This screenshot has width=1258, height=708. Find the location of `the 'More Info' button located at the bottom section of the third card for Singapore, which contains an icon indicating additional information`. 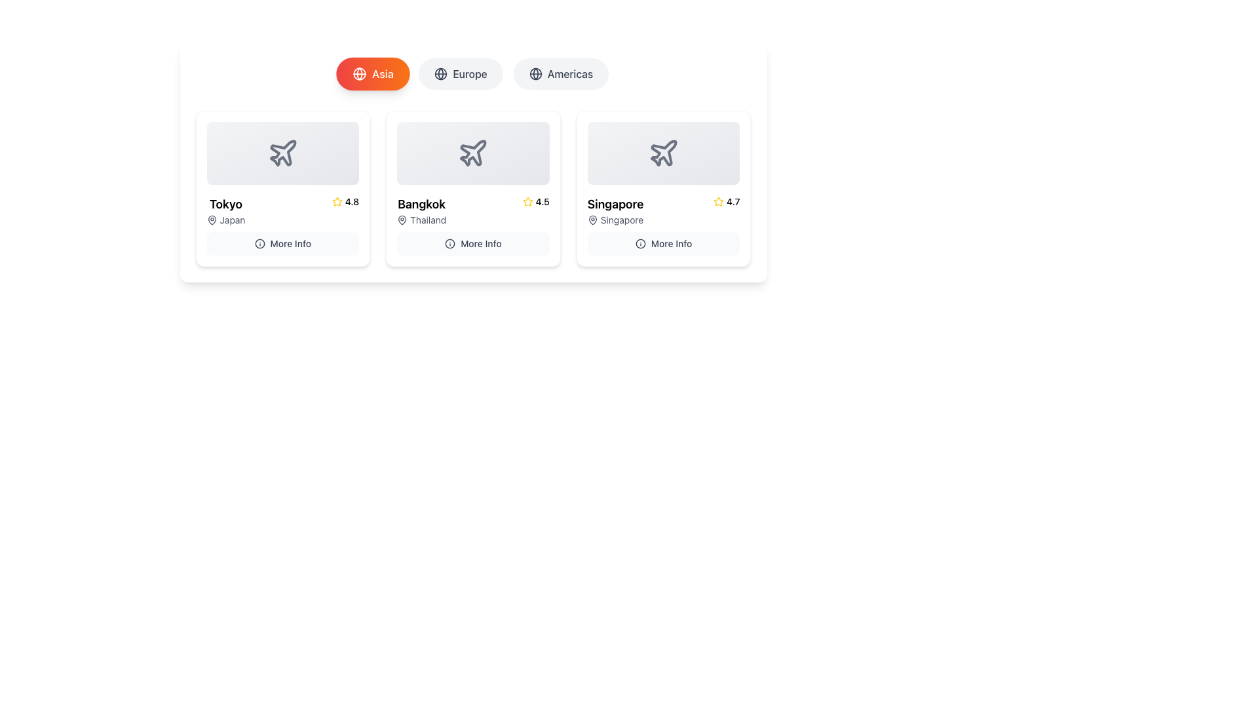

the 'More Info' button located at the bottom section of the third card for Singapore, which contains an icon indicating additional information is located at coordinates (640, 243).